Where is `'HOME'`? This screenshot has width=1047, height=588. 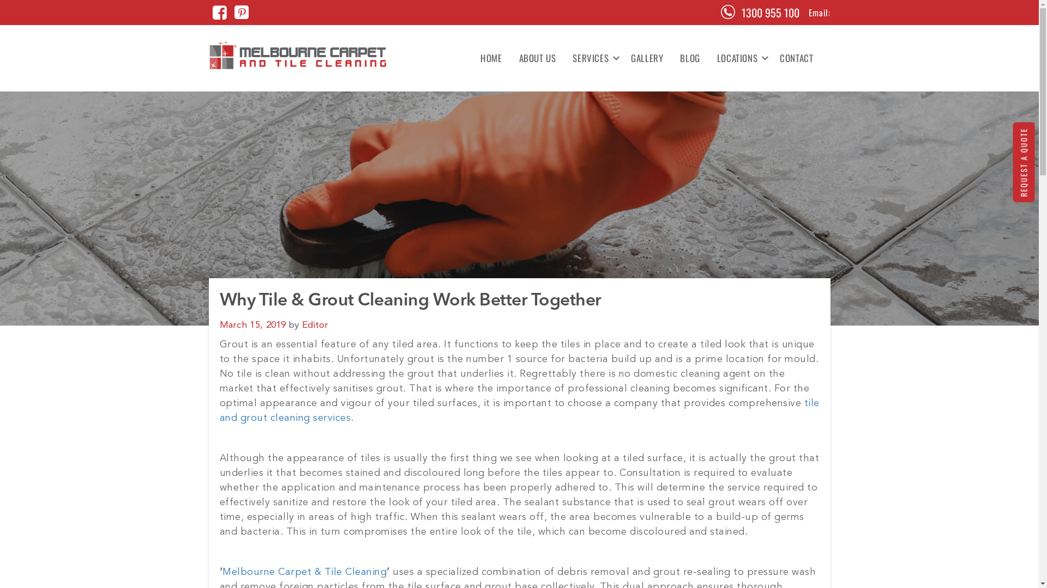 'HOME' is located at coordinates (490, 58).